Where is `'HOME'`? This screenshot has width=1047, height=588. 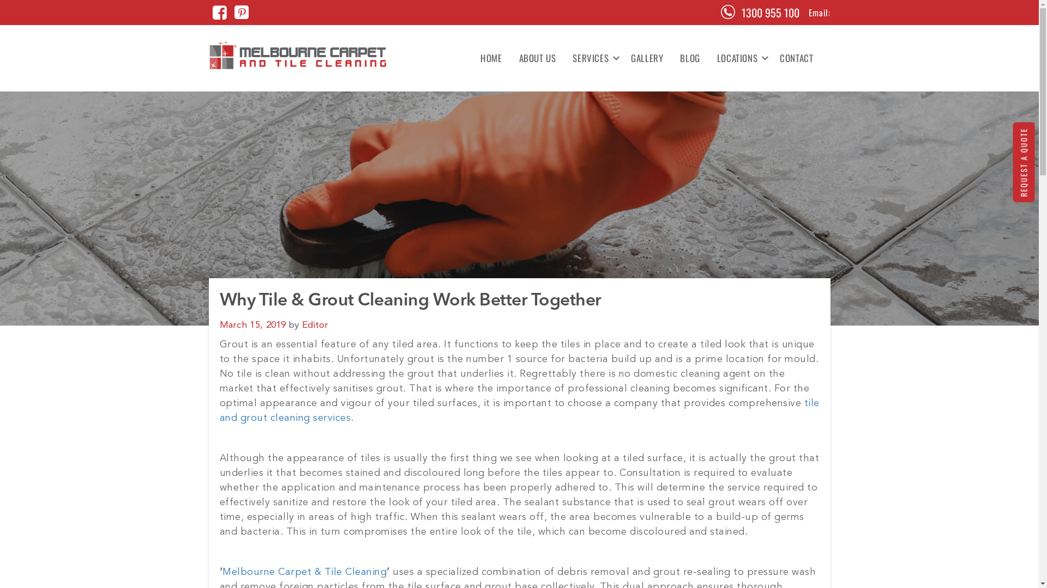 'HOME' is located at coordinates (490, 58).